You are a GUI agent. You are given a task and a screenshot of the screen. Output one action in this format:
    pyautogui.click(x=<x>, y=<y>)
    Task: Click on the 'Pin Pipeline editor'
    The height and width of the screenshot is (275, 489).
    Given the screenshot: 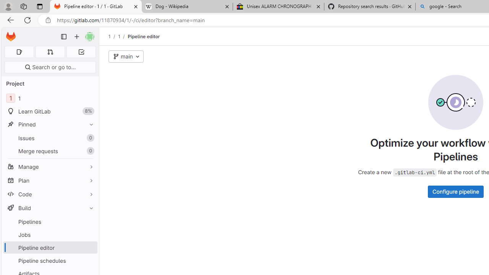 What is the action you would take?
    pyautogui.click(x=89, y=247)
    